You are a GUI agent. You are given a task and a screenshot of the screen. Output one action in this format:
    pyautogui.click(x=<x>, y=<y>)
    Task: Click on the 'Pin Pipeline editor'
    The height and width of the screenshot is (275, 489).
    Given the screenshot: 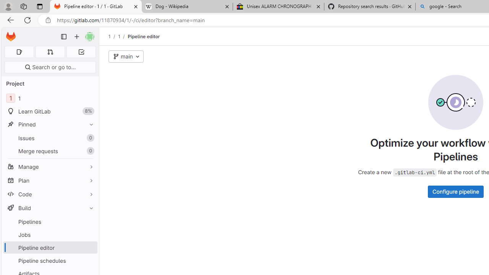 What is the action you would take?
    pyautogui.click(x=89, y=247)
    